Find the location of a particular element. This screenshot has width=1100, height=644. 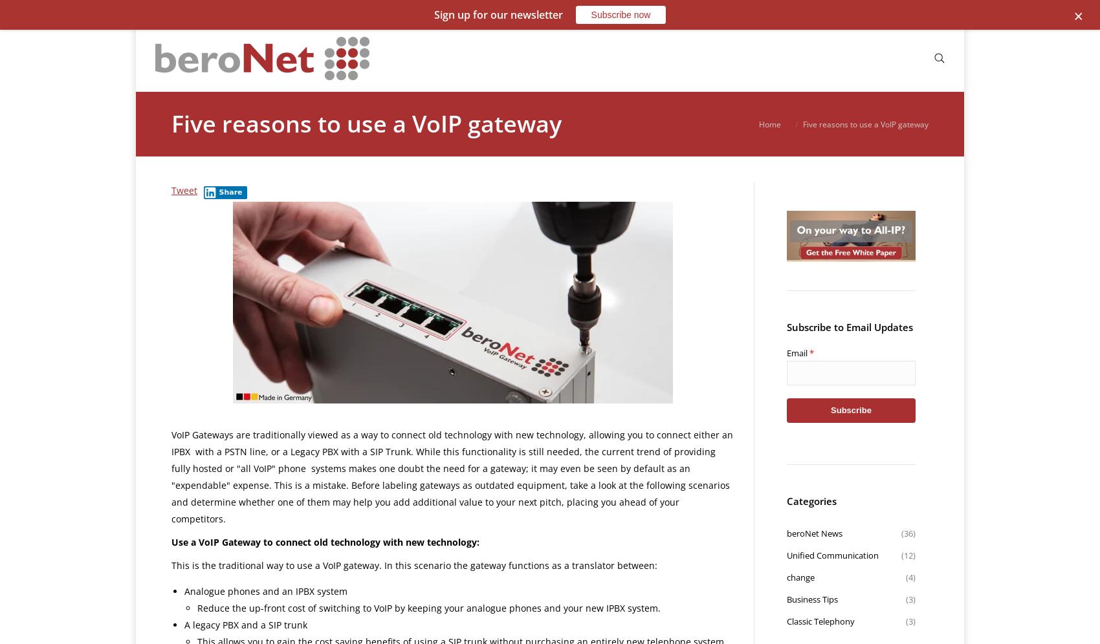

'(12)' is located at coordinates (907, 555).